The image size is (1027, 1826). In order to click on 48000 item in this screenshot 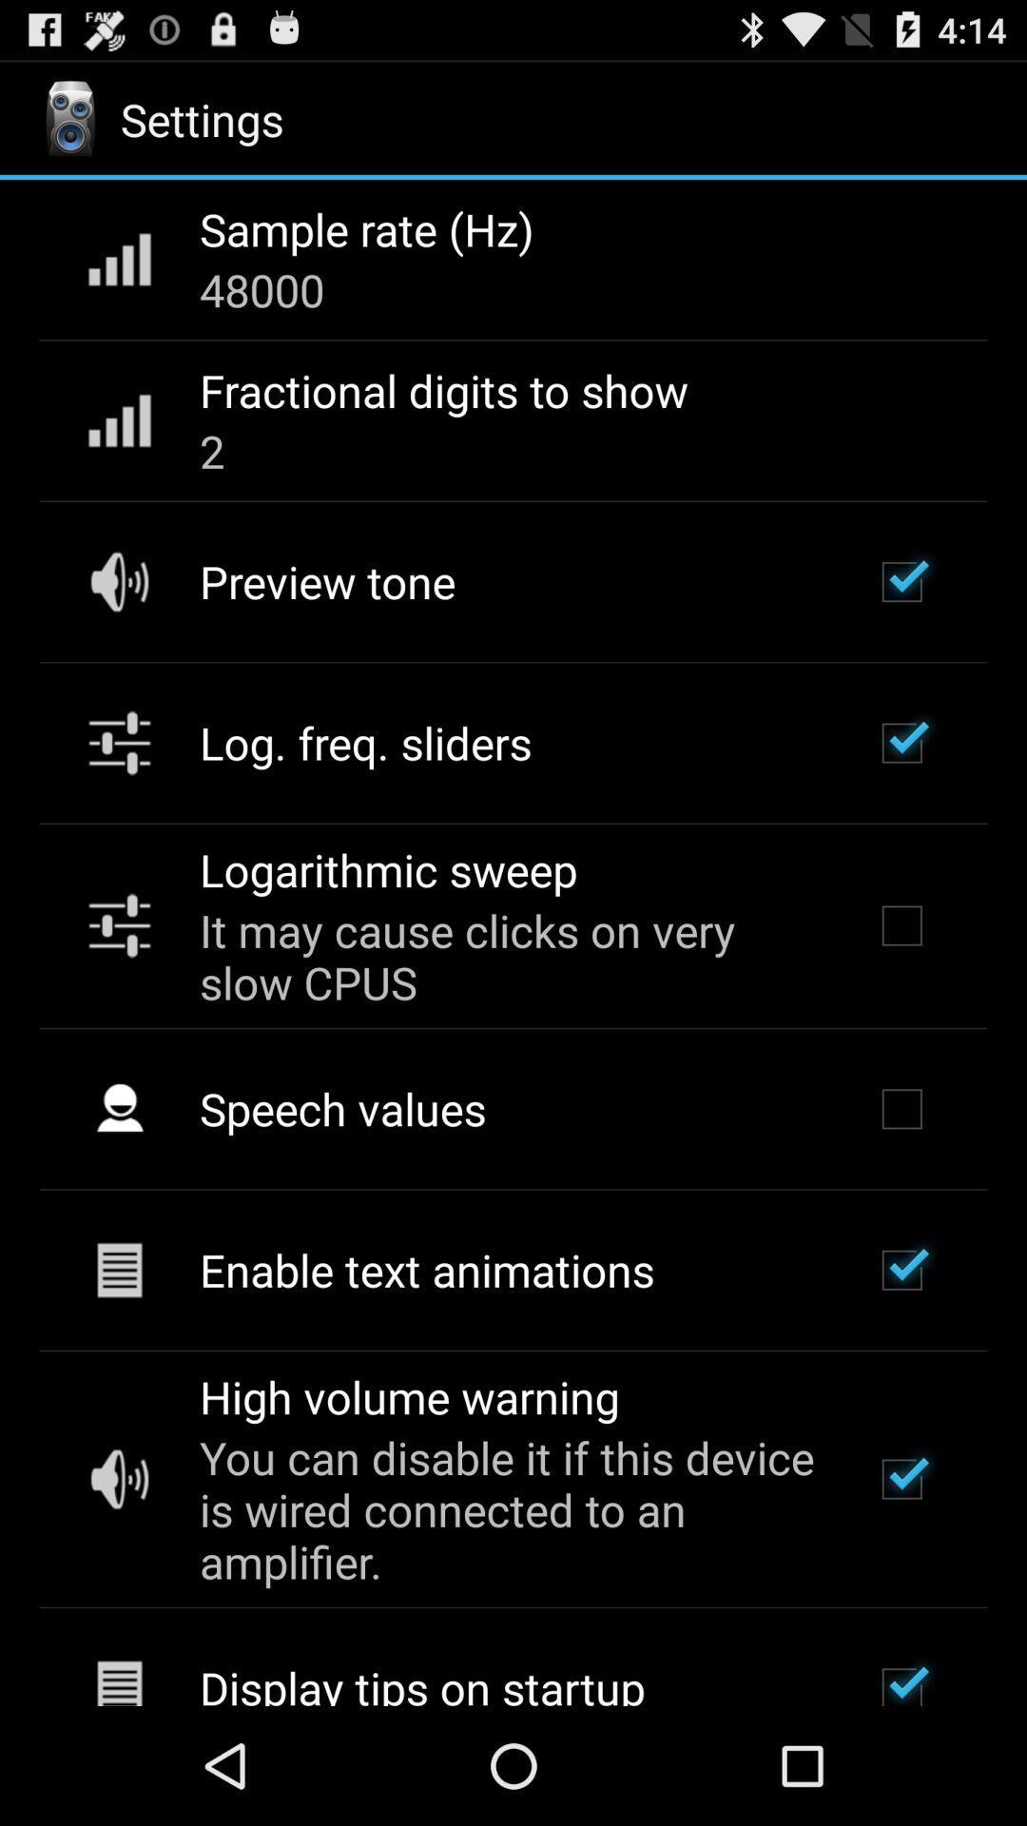, I will do `click(262, 288)`.